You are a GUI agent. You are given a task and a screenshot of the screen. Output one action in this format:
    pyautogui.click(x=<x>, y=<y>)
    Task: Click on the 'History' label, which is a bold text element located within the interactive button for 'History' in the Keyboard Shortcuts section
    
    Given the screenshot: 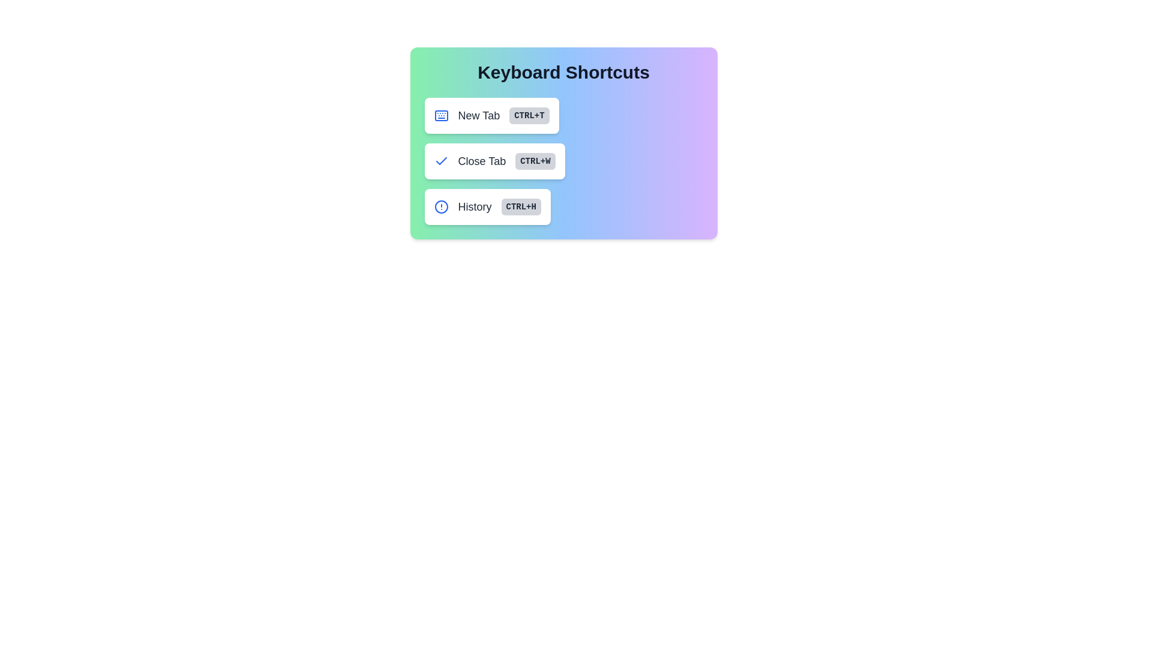 What is the action you would take?
    pyautogui.click(x=474, y=206)
    